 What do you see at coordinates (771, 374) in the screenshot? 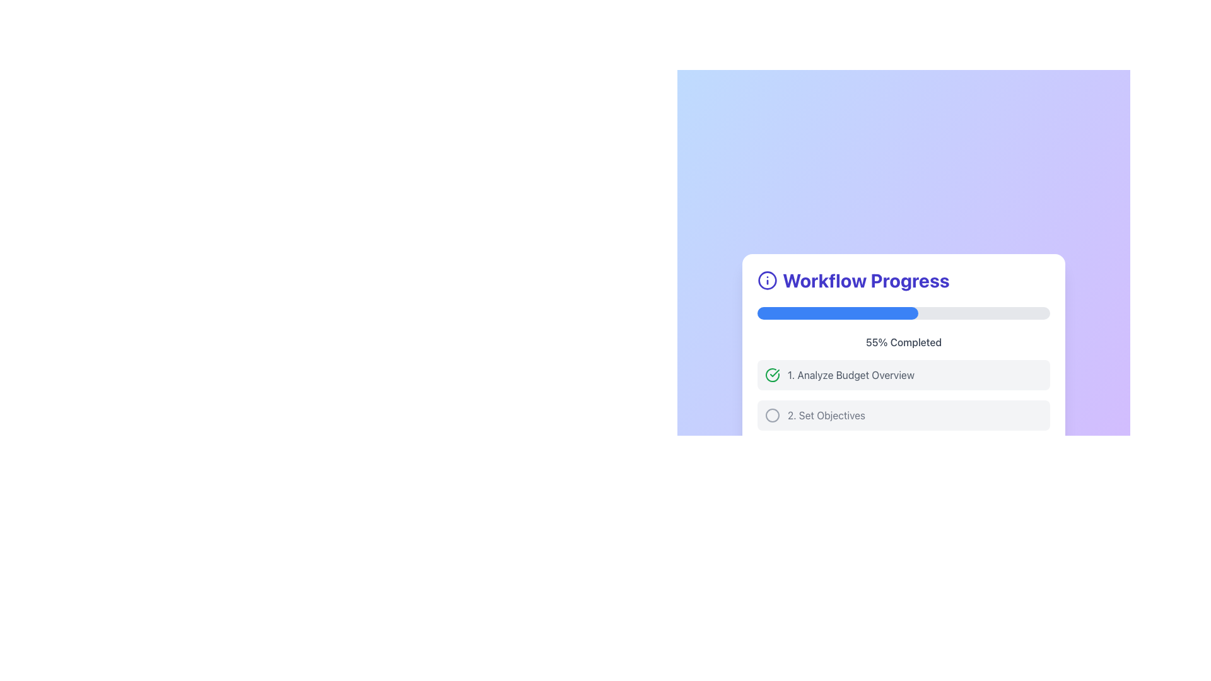
I see `the green circular checkmark icon` at bounding box center [771, 374].